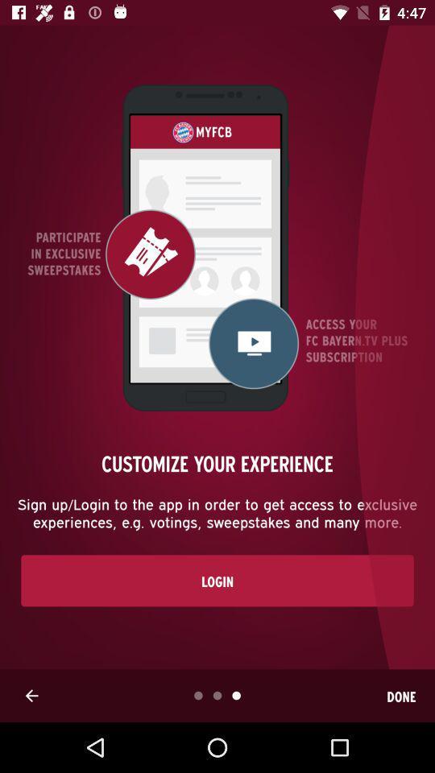 The image size is (435, 773). What do you see at coordinates (31, 695) in the screenshot?
I see `the icon below the login item` at bounding box center [31, 695].